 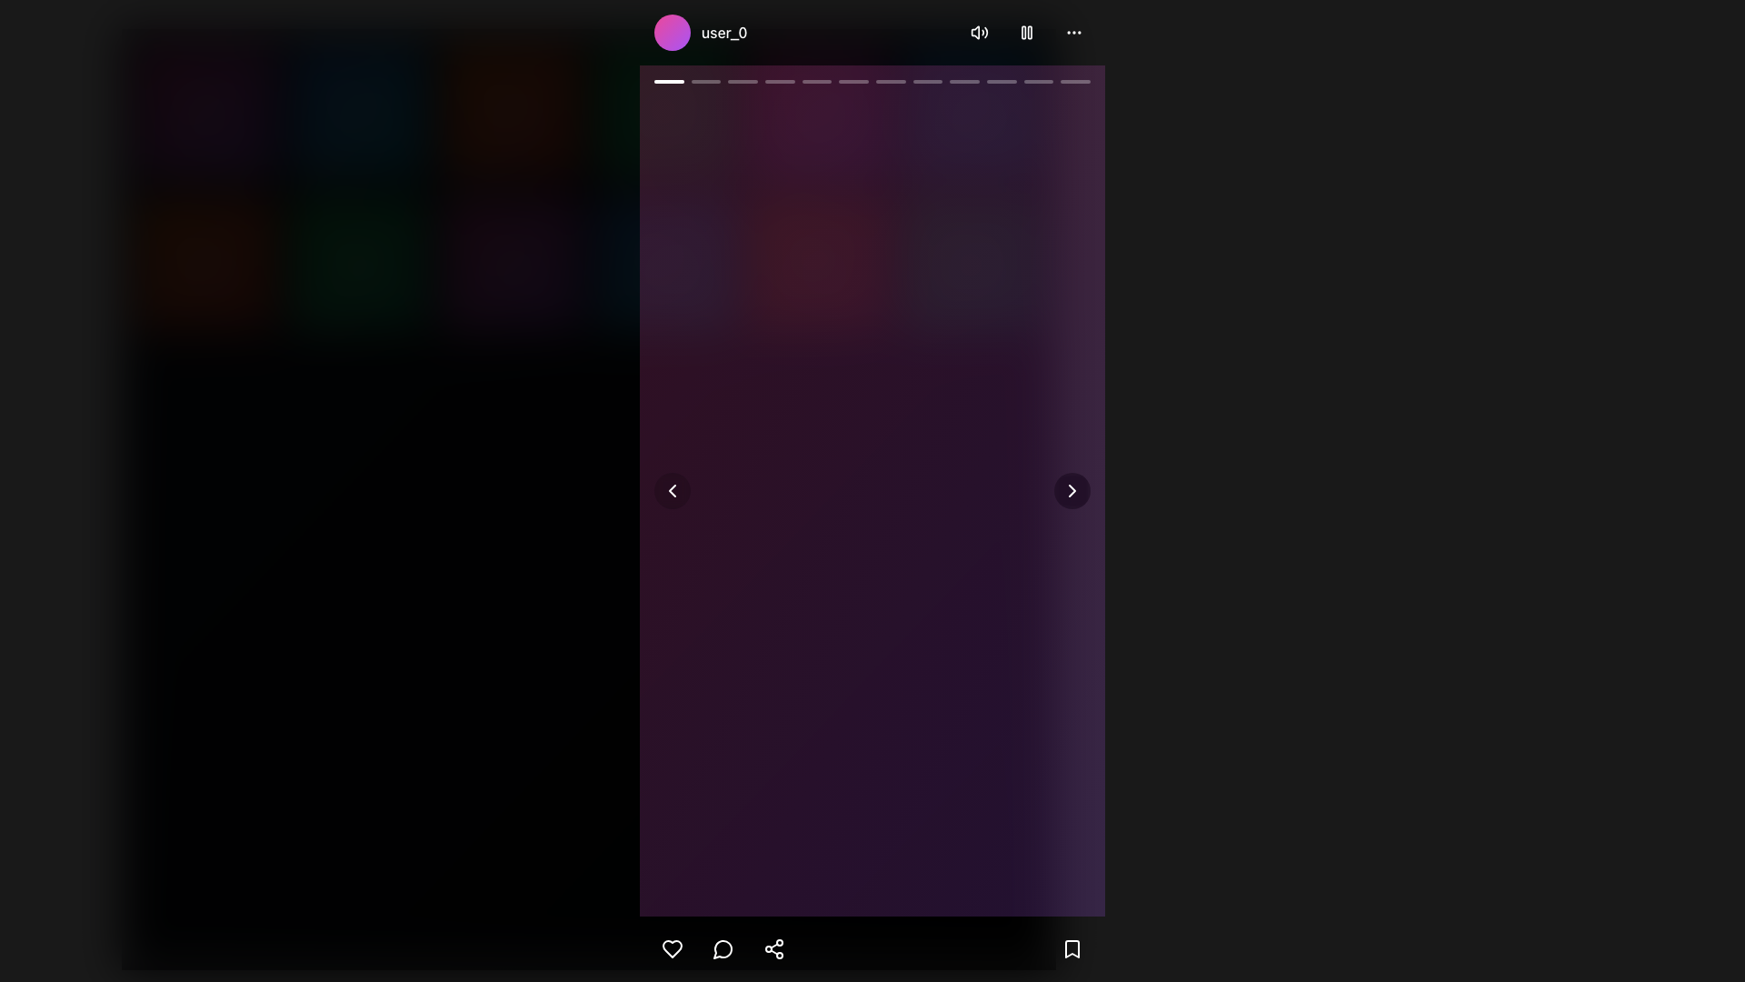 What do you see at coordinates (1026, 32) in the screenshot?
I see `the Pause button located in the top-right corner of the interface` at bounding box center [1026, 32].